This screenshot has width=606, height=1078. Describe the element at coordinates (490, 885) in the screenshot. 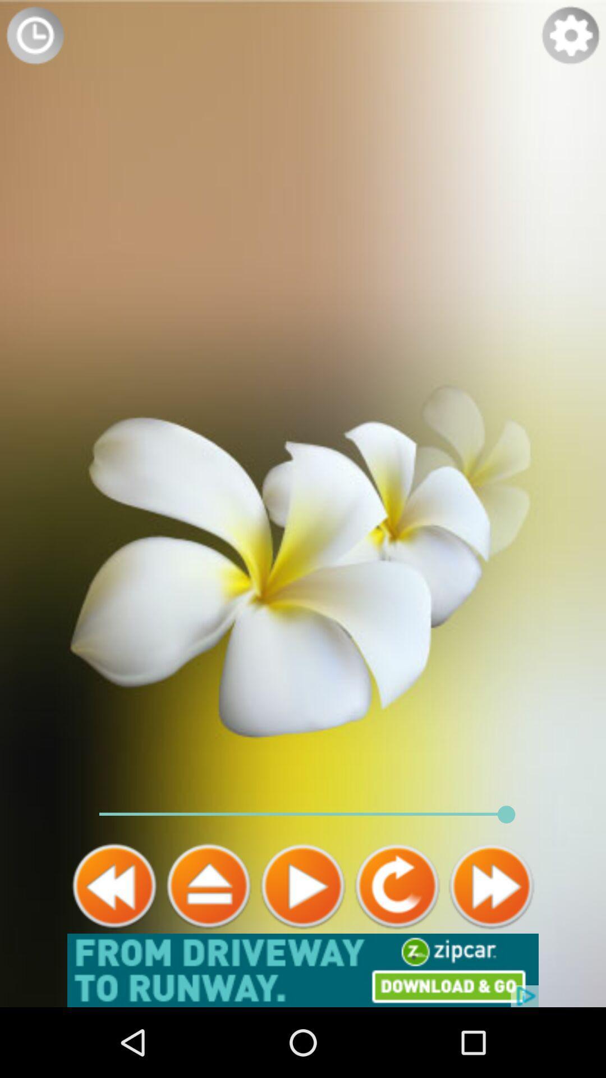

I see `forward button` at that location.